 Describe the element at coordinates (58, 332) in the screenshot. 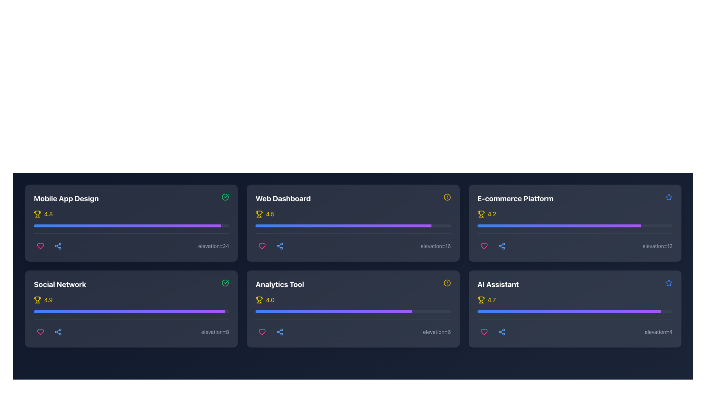

I see `the circular share button located at the bottom area of the 'Social Network' card` at that location.